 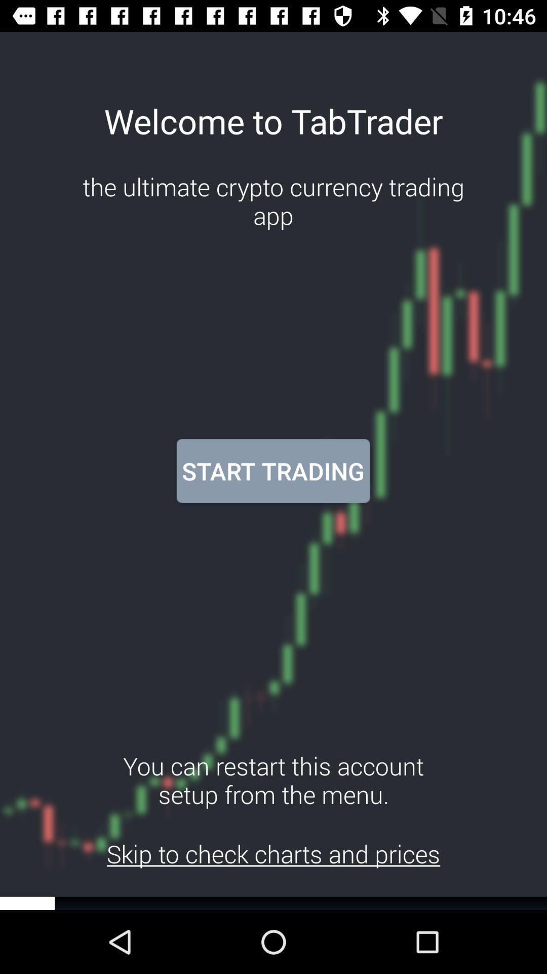 I want to click on the item above the you can restart icon, so click(x=272, y=470).